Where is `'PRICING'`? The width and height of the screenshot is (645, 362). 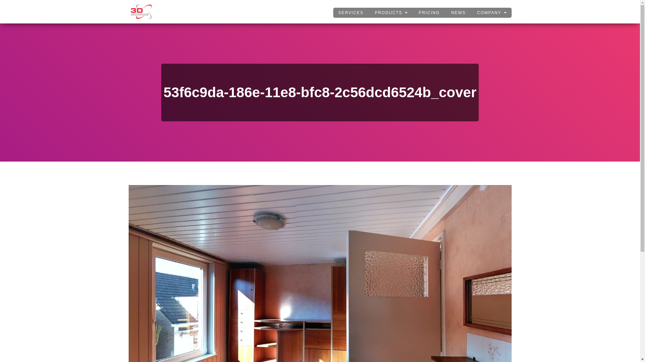
'PRICING' is located at coordinates (414, 12).